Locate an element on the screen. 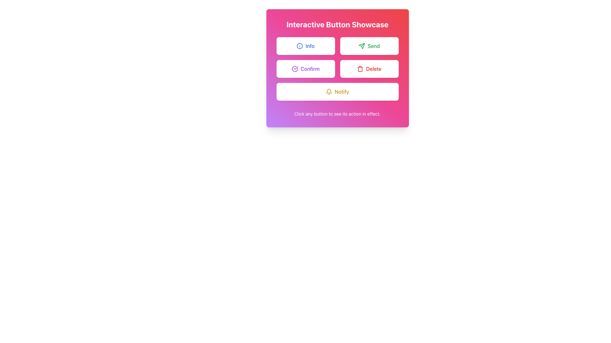 Image resolution: width=611 pixels, height=343 pixels. the green upward arrow icon located within the 'Send' button beside the text 'Send' is located at coordinates (362, 45).